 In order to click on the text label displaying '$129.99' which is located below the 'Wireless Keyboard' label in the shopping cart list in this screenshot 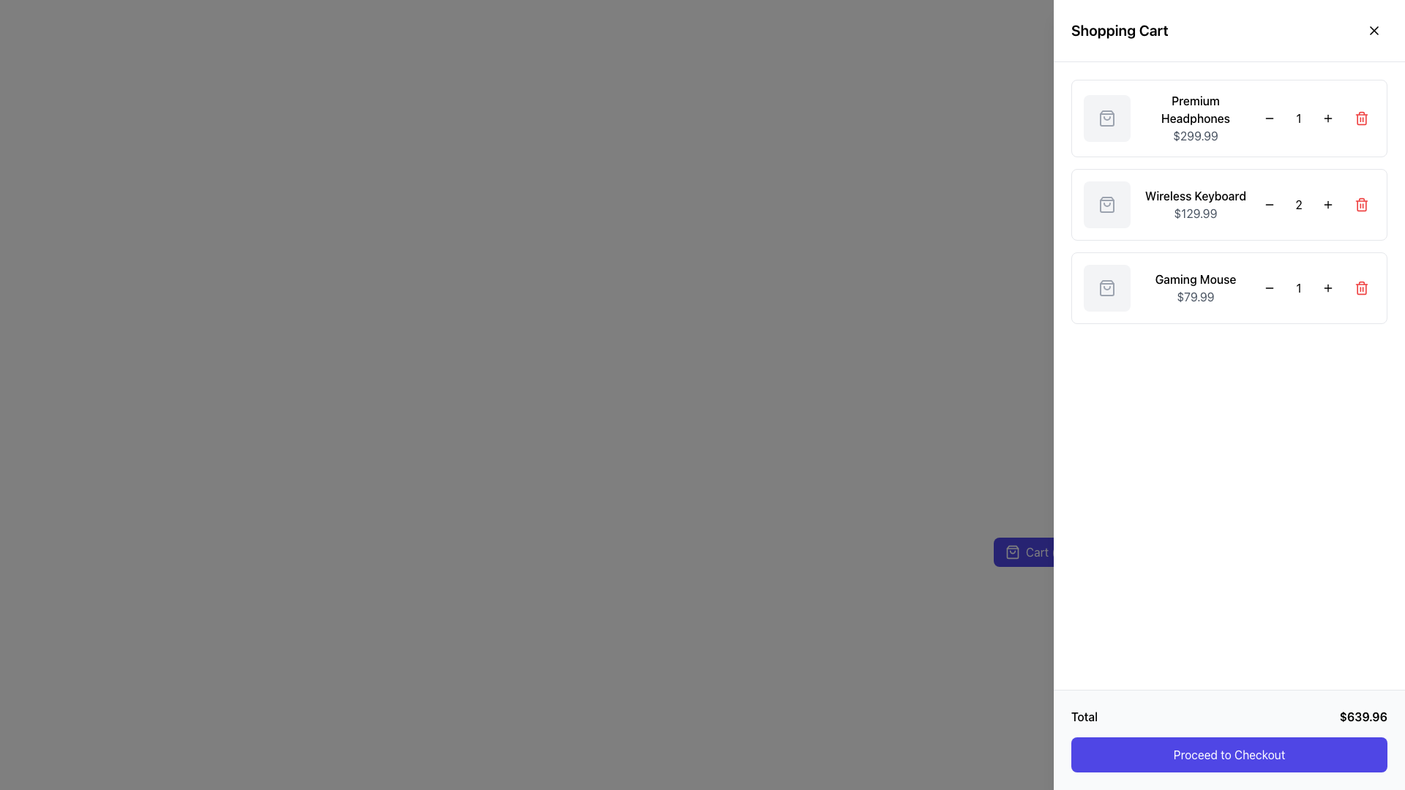, I will do `click(1195, 214)`.